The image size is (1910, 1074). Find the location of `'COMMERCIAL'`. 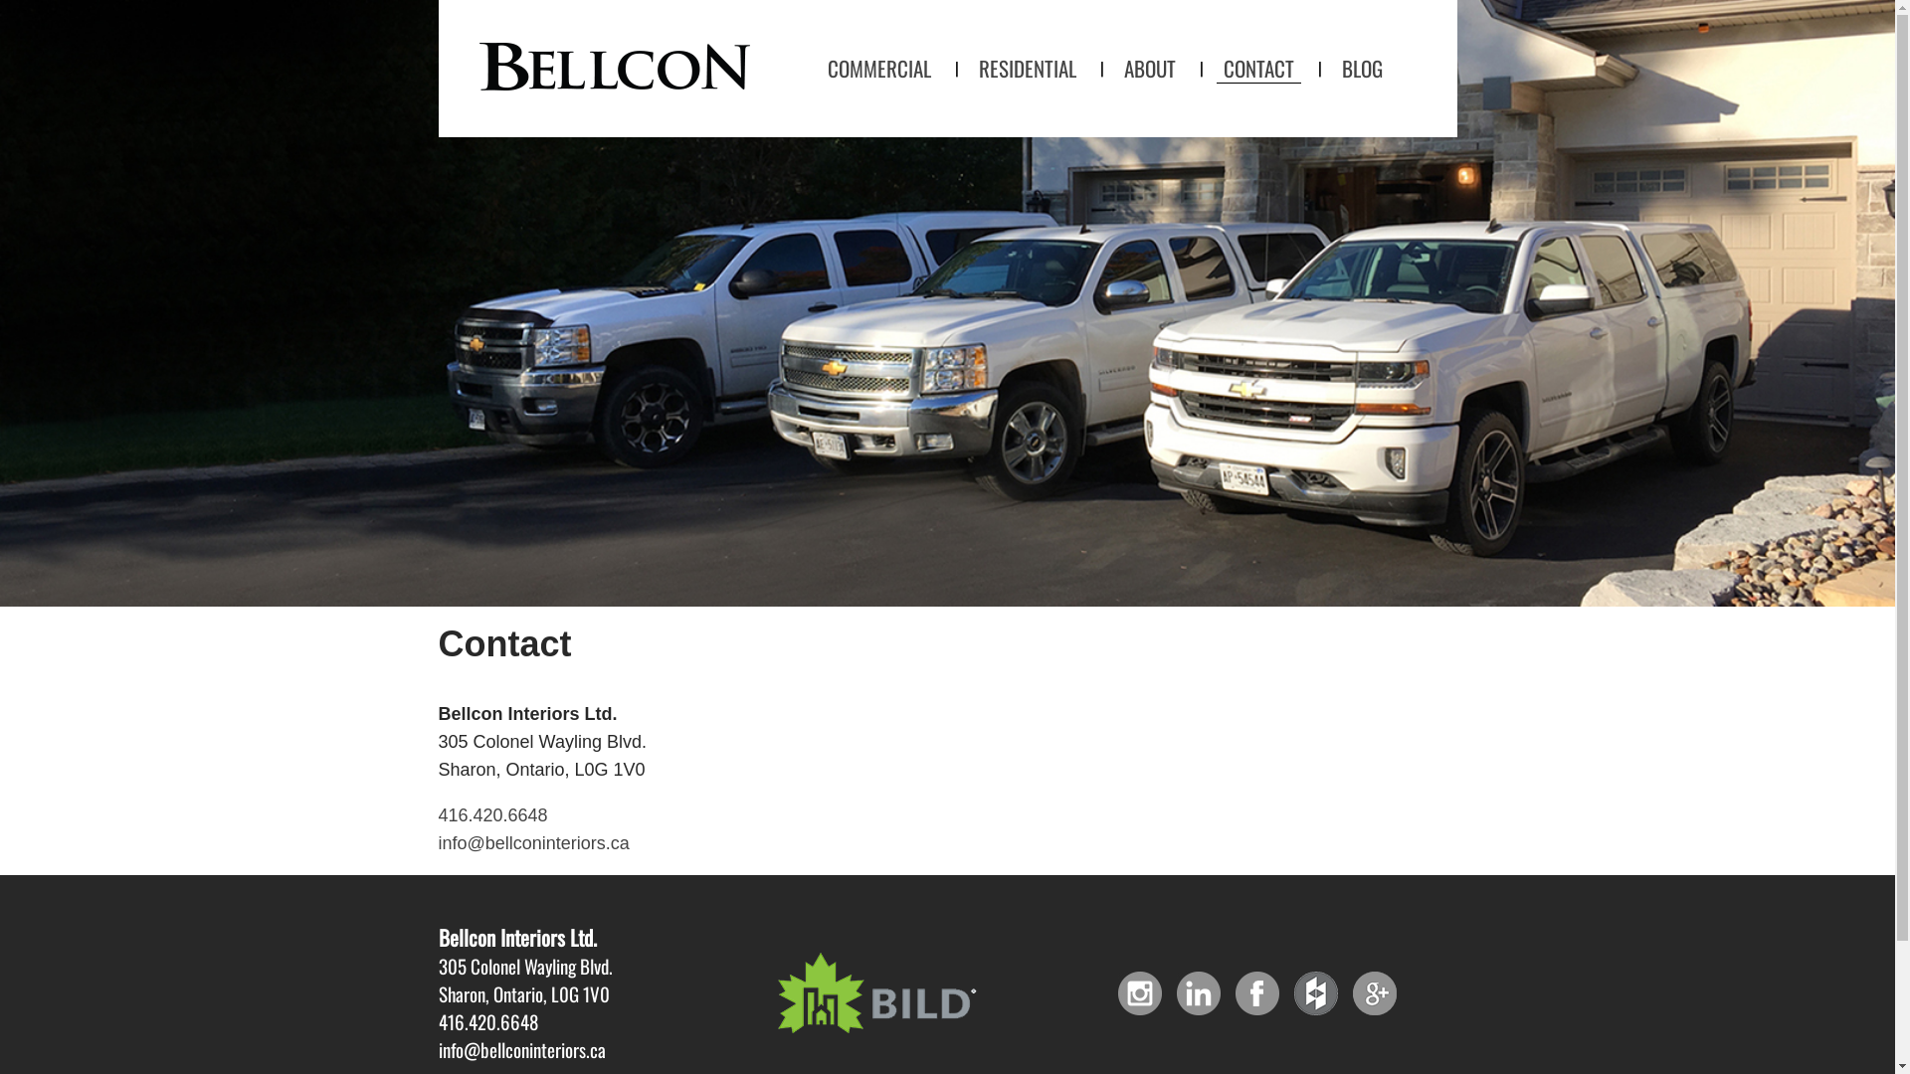

'COMMERCIAL' is located at coordinates (820, 68).